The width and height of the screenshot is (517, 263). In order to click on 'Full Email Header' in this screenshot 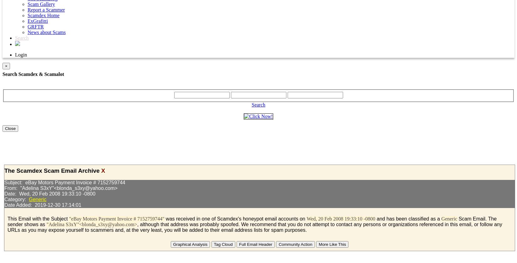, I will do `click(238, 244)`.